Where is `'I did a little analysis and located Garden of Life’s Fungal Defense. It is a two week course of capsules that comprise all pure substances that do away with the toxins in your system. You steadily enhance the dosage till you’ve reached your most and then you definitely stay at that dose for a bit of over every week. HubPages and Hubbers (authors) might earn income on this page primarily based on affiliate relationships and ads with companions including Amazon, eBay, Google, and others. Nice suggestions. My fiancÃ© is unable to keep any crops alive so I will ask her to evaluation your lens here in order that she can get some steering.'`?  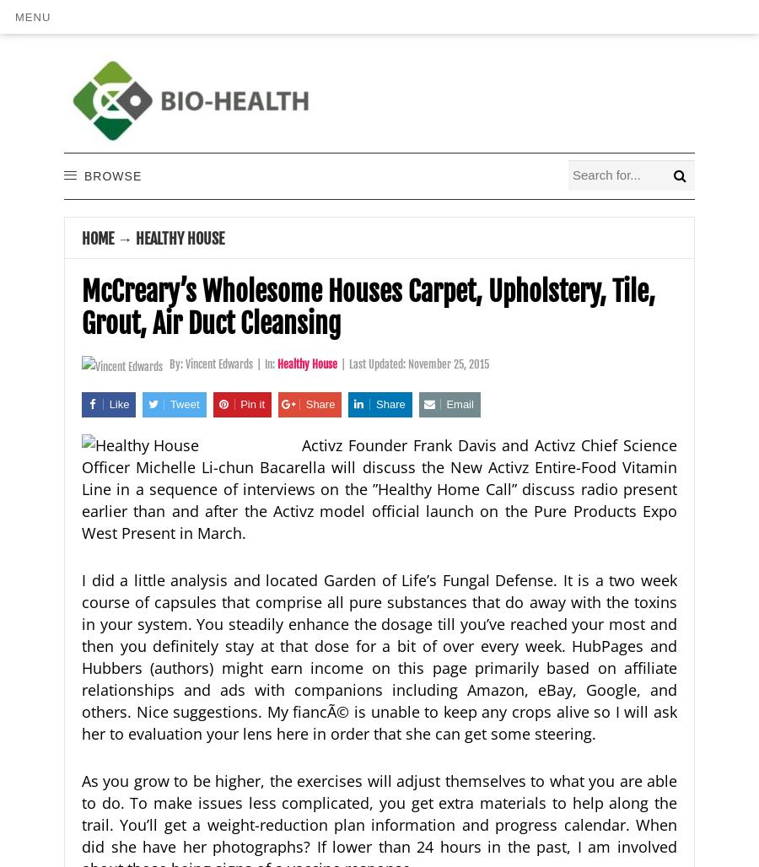
'I did a little analysis and located Garden of Life’s Fungal Defense. It is a two week course of capsules that comprise all pure substances that do away with the toxins in your system. You steadily enhance the dosage till you’ve reached your most and then you definitely stay at that dose for a bit of over every week. HubPages and Hubbers (authors) might earn income on this page primarily based on affiliate relationships and ads with companions including Amazon, eBay, Google, and others. Nice suggestions. My fiancÃ© is unable to keep any crops alive so I will ask her to evaluation your lens here in order that she can get some steering.' is located at coordinates (379, 655).